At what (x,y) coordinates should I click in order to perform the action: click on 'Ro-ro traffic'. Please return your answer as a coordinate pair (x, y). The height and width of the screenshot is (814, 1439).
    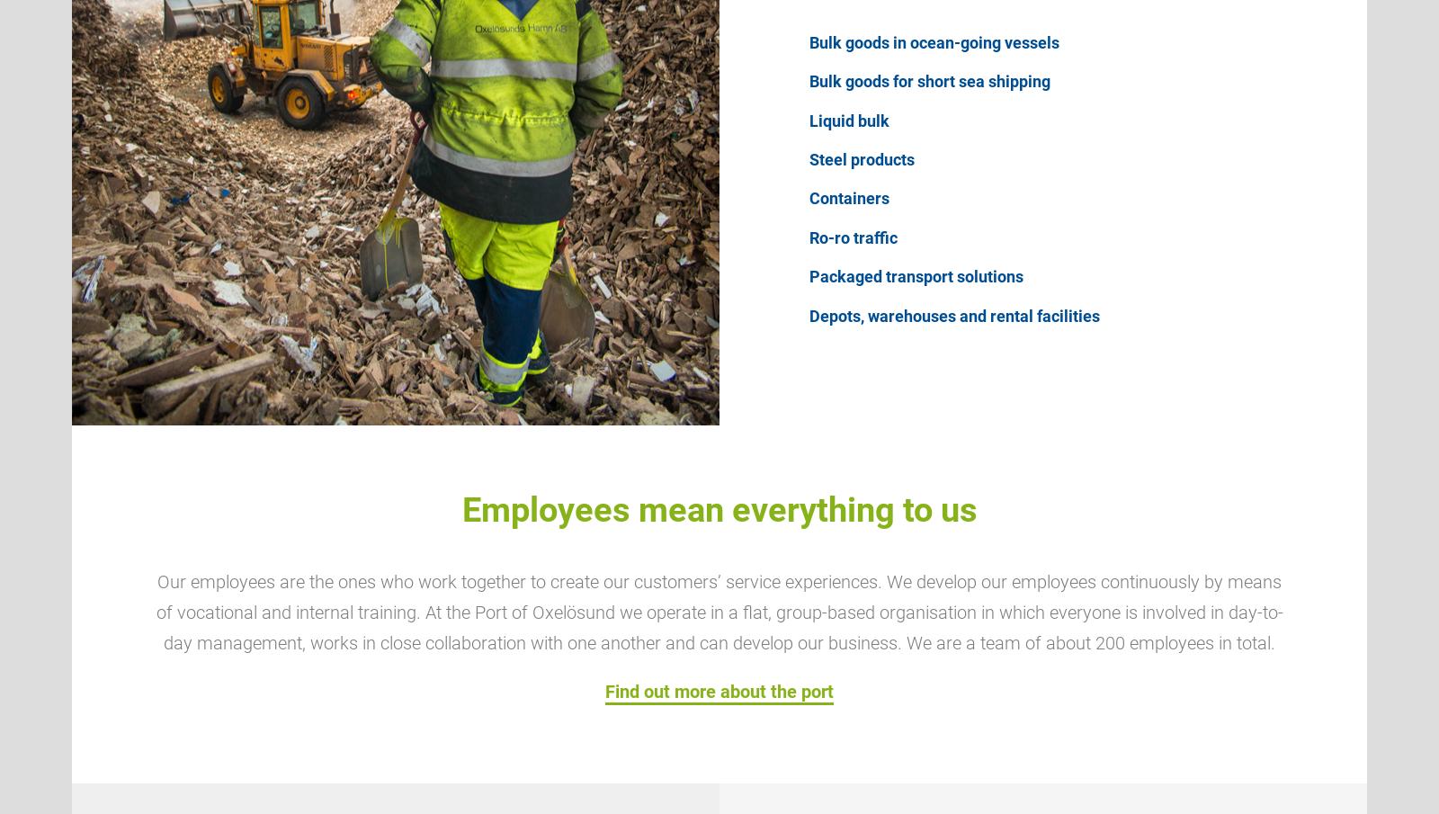
    Looking at the image, I should click on (852, 237).